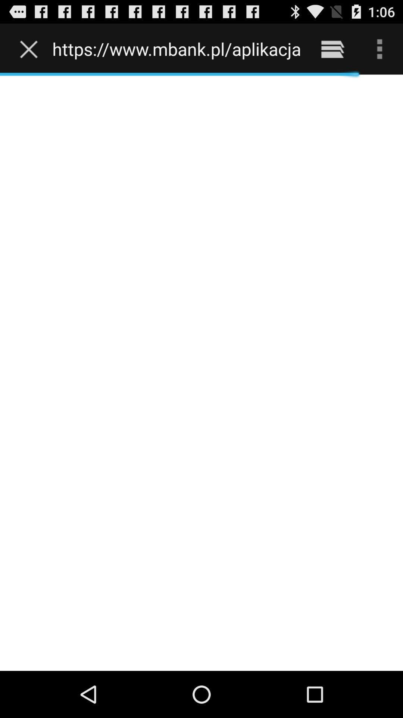  Describe the element at coordinates (201, 372) in the screenshot. I see `the item at the center` at that location.